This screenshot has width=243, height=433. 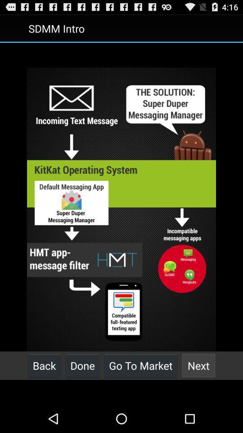 I want to click on the item above the back button, so click(x=121, y=209).